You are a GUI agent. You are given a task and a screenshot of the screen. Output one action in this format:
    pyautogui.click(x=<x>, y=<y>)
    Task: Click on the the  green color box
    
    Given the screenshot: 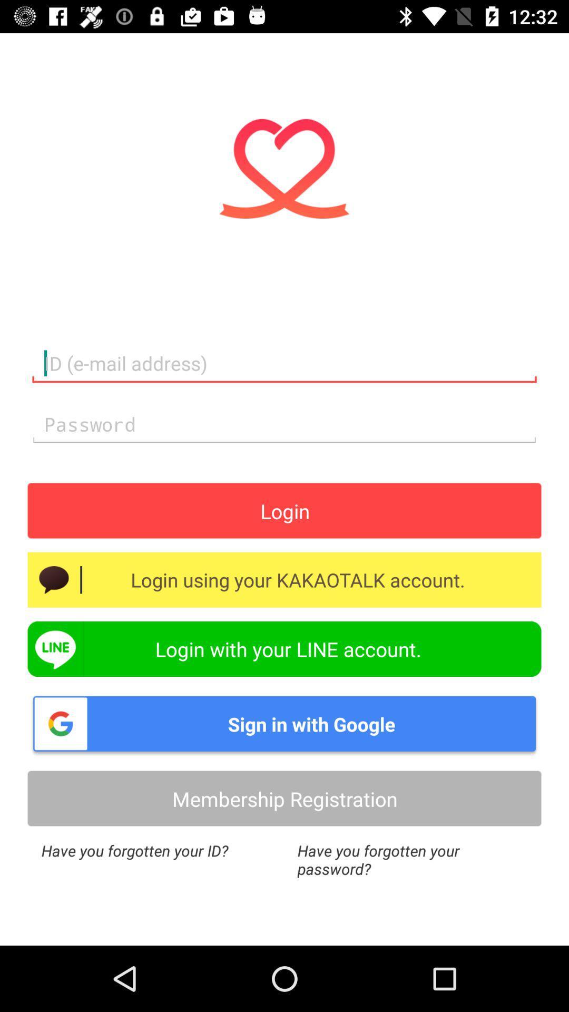 What is the action you would take?
    pyautogui.click(x=284, y=648)
    